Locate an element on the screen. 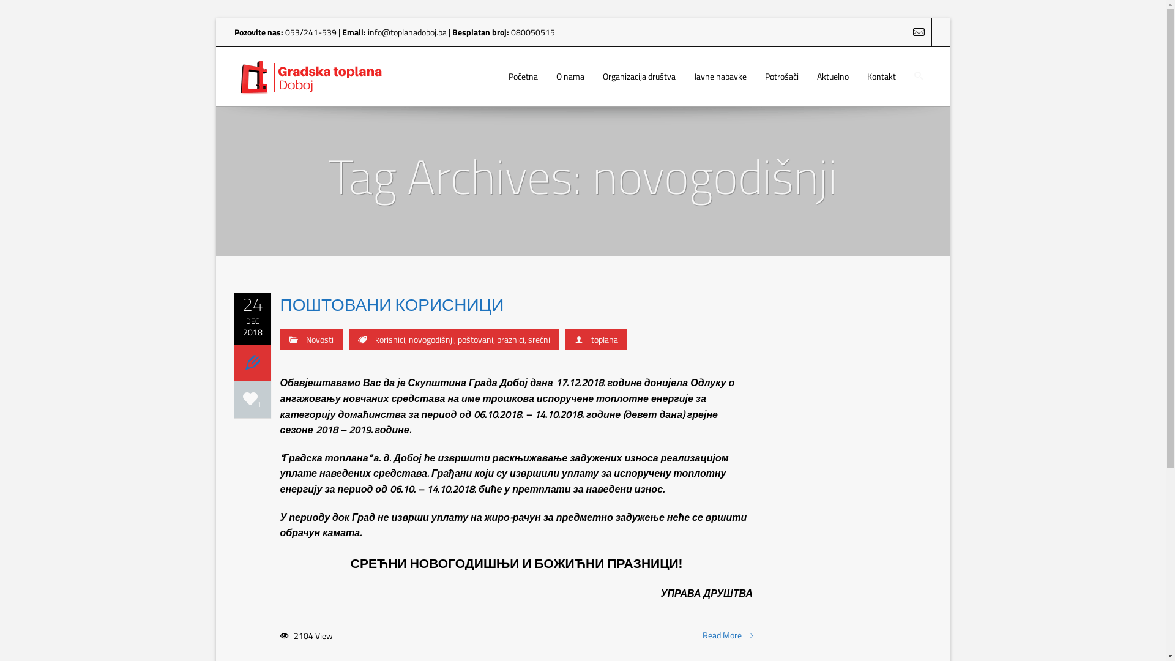  'Gradska Toplana Doboj' is located at coordinates (310, 76).